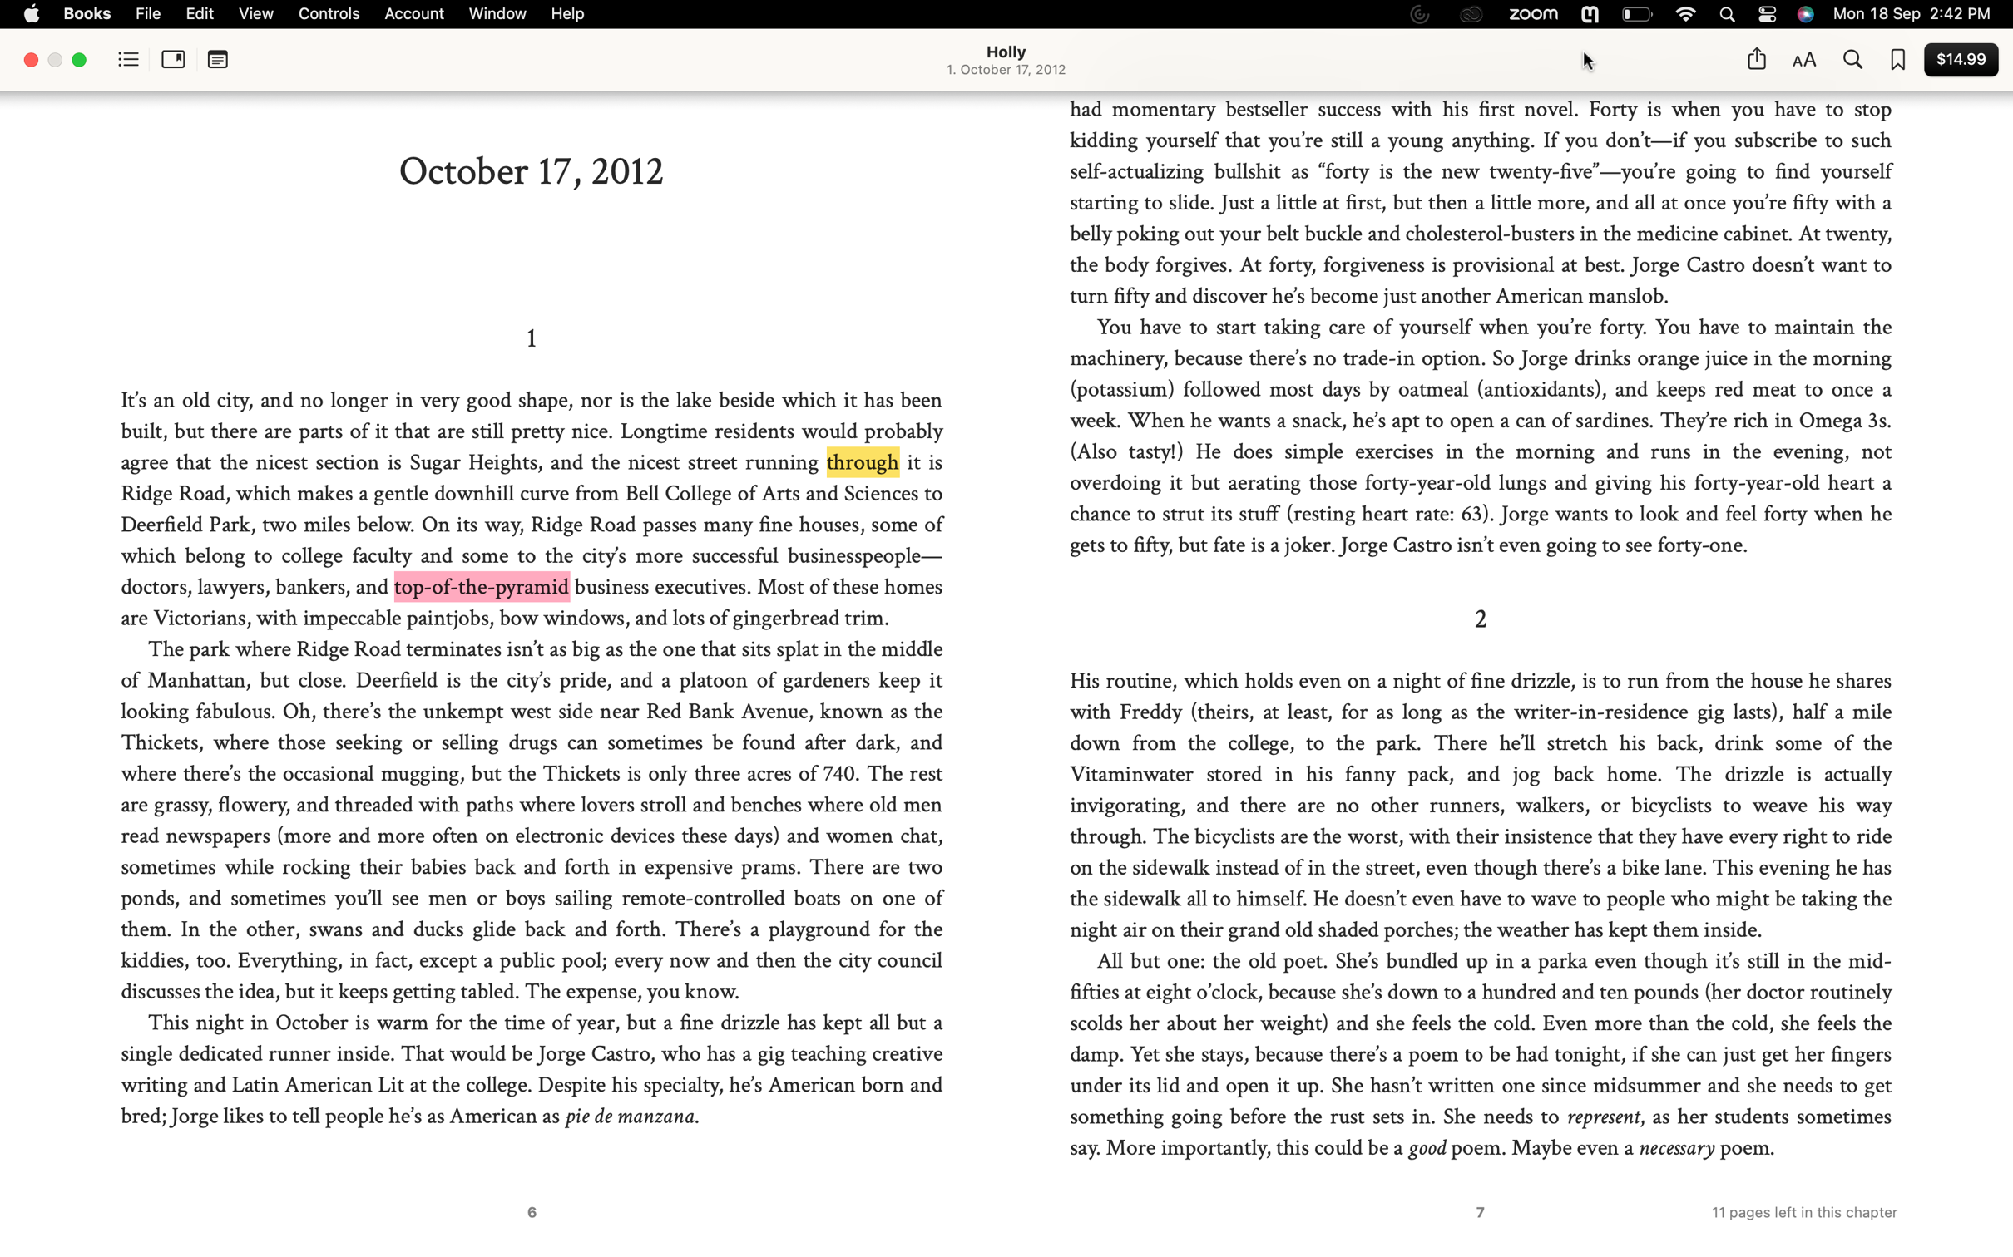  What do you see at coordinates (1851, 61) in the screenshot?
I see `Search for "handsome" in the book` at bounding box center [1851, 61].